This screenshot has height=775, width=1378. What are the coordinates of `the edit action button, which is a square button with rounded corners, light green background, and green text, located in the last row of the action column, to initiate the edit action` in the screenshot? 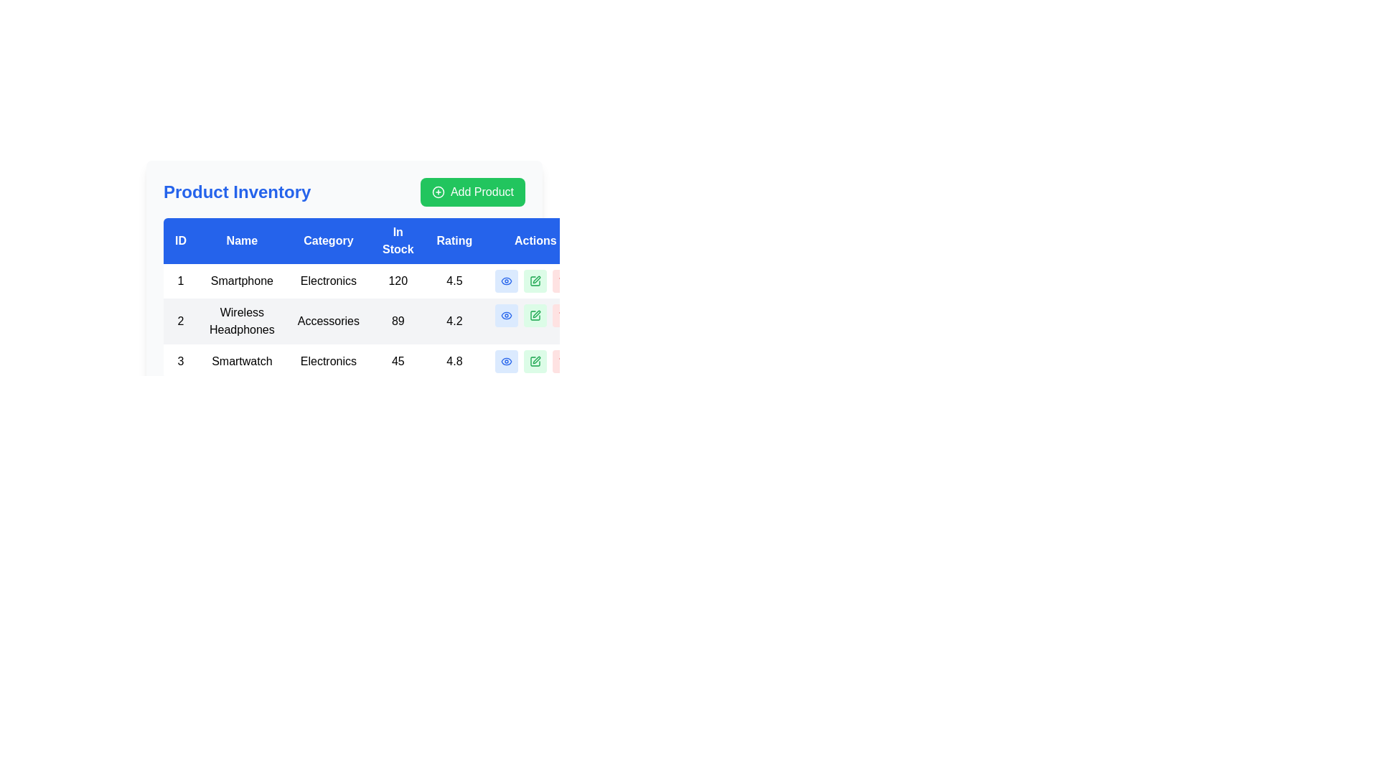 It's located at (535, 361).